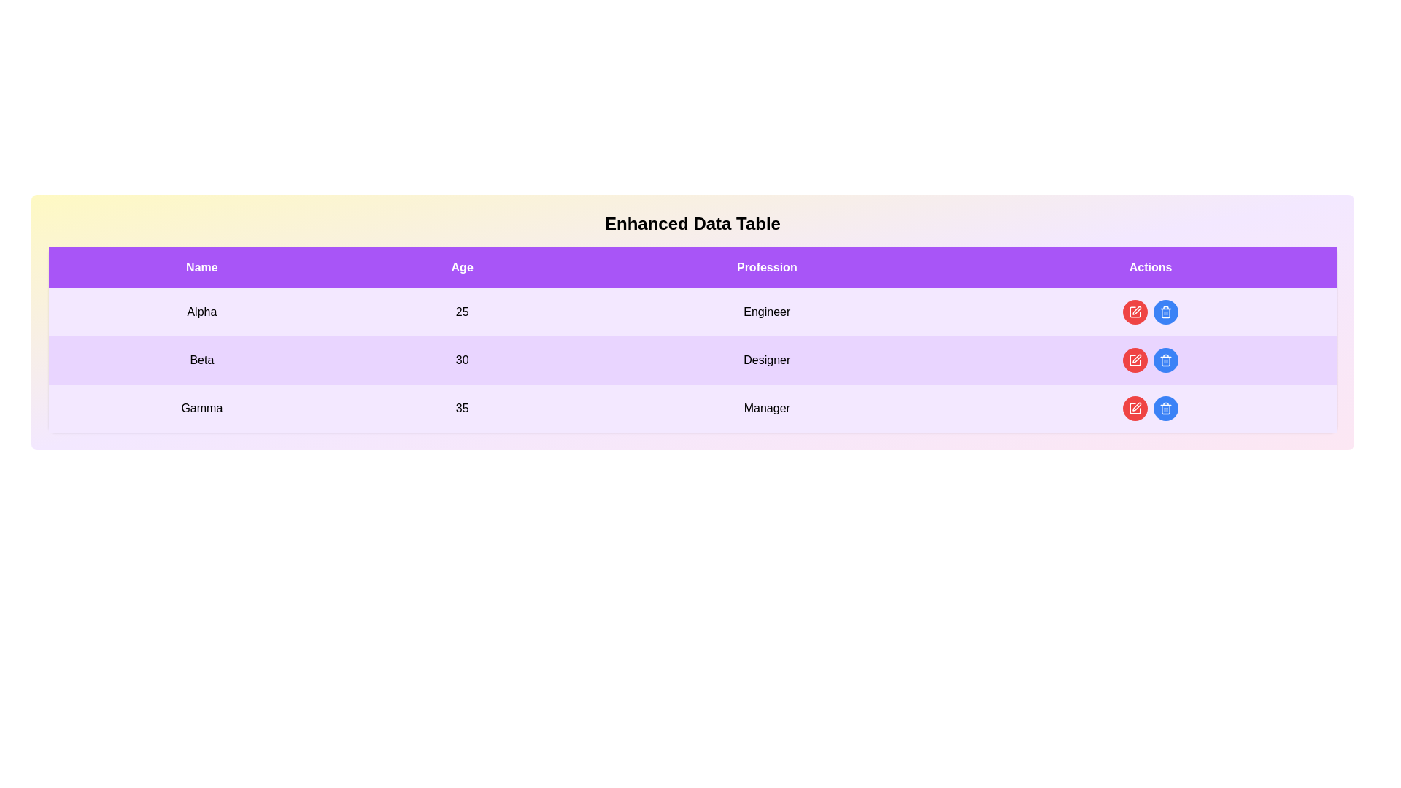  I want to click on the Actions header to sort the table by that column, so click(1150, 267).